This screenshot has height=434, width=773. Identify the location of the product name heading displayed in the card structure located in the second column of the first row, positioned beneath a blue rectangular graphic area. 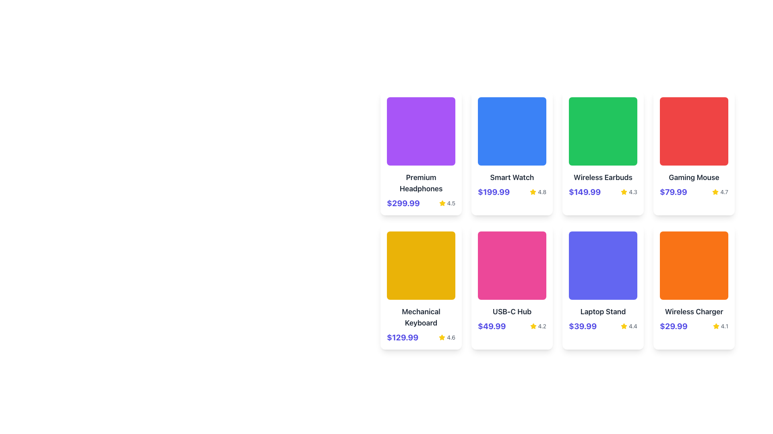
(512, 177).